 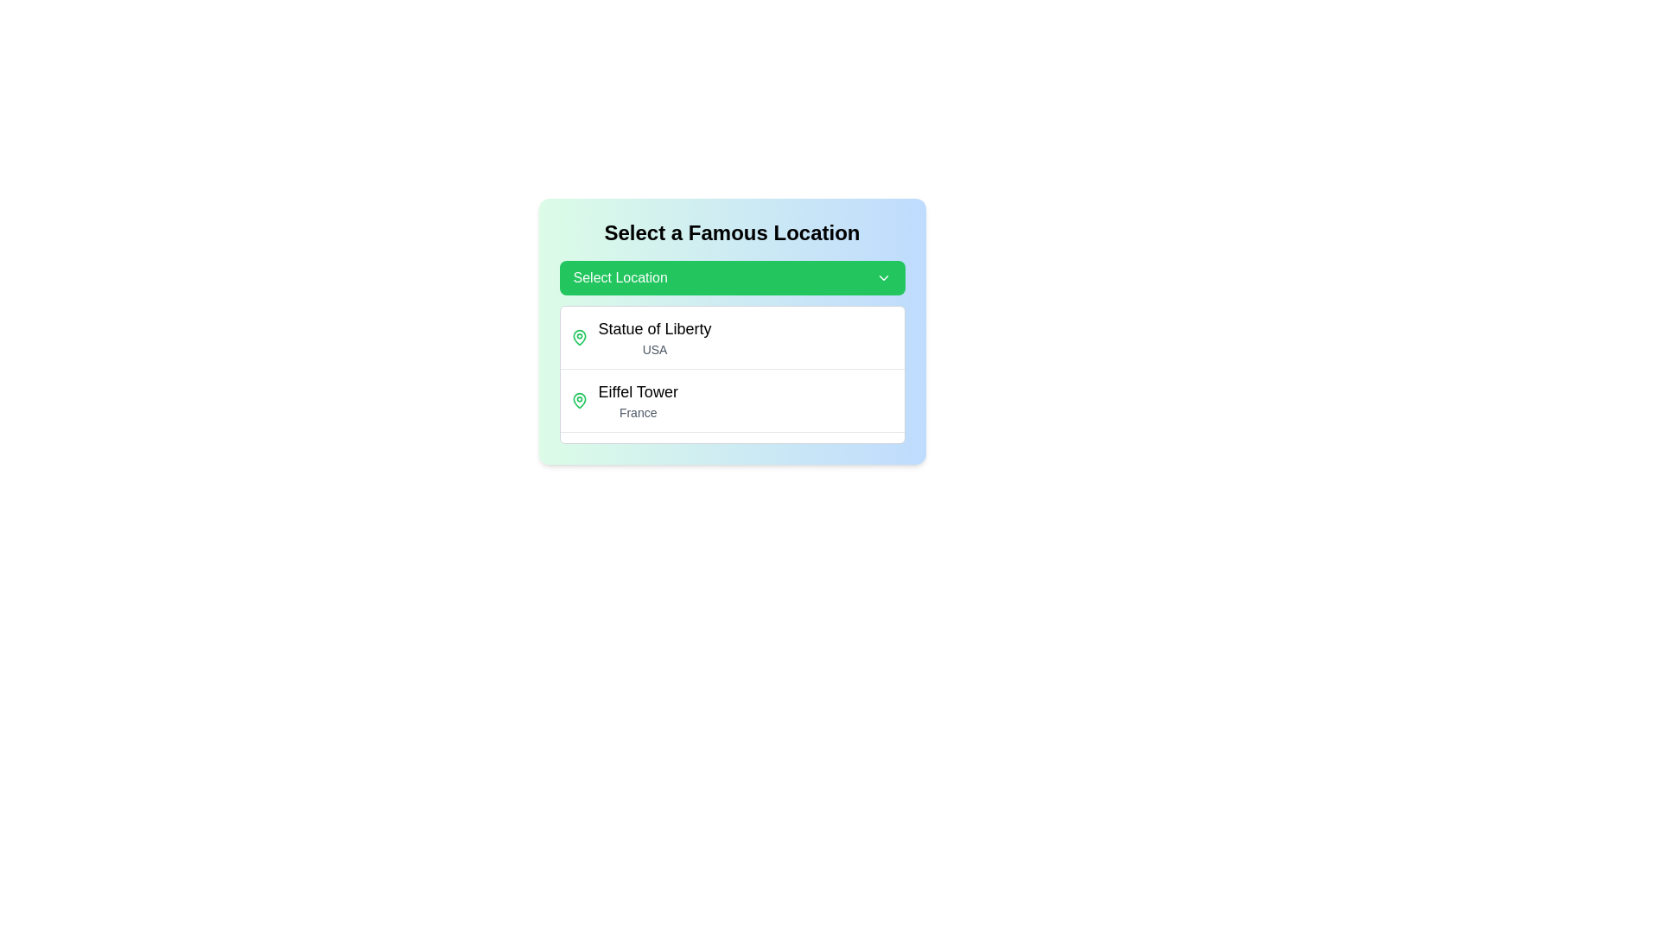 I want to click on the 'Select Location' text label, so click(x=620, y=276).